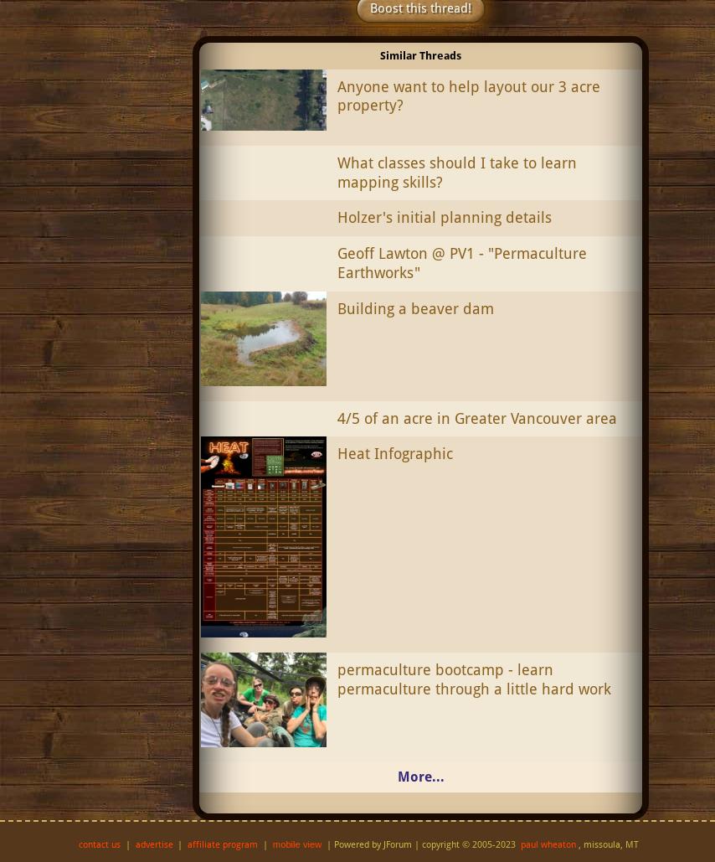 This screenshot has height=862, width=715. What do you see at coordinates (421, 844) in the screenshot?
I see `'| Powered by JForum | copyright © 2005-2023'` at bounding box center [421, 844].